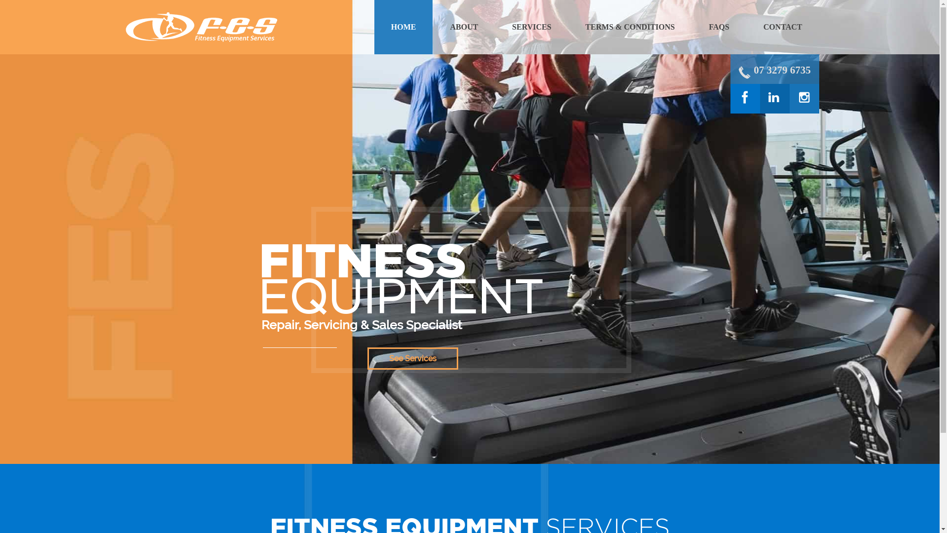 The image size is (947, 533). What do you see at coordinates (403, 26) in the screenshot?
I see `'HOME'` at bounding box center [403, 26].